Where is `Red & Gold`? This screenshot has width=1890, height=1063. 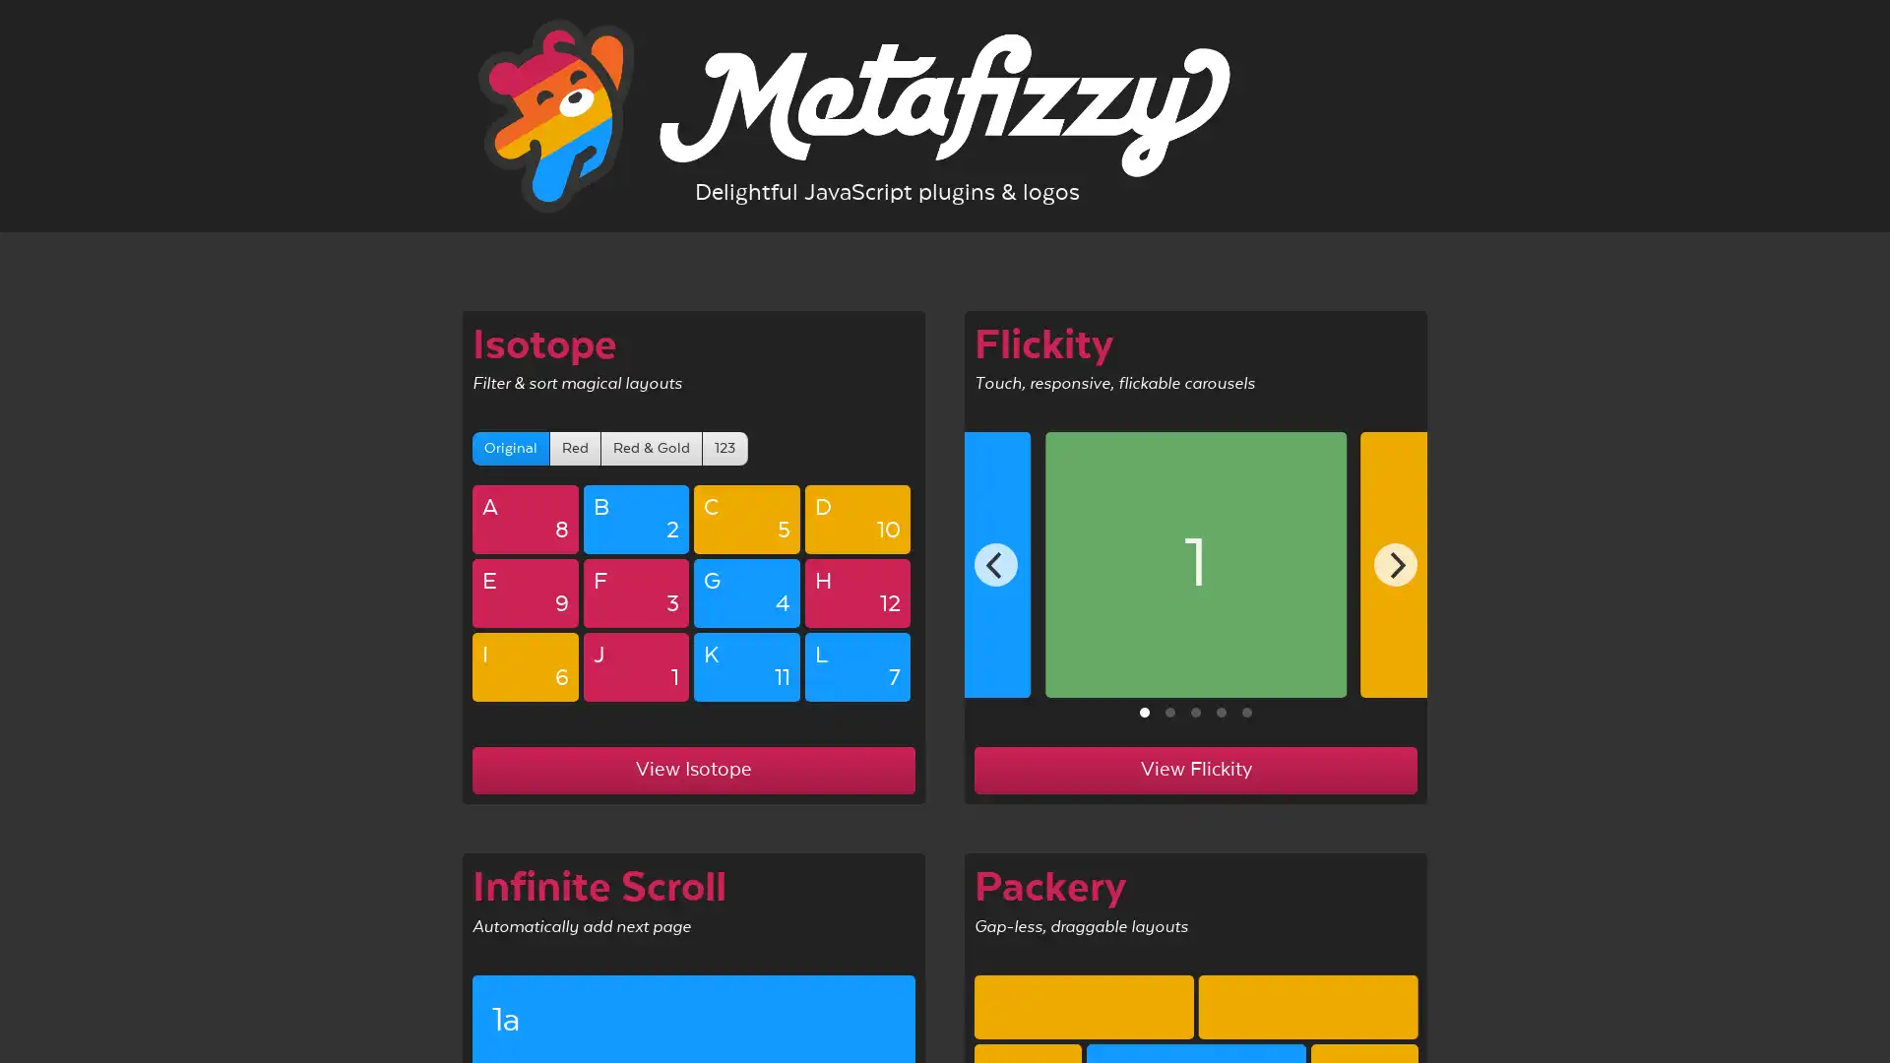 Red & Gold is located at coordinates (652, 448).